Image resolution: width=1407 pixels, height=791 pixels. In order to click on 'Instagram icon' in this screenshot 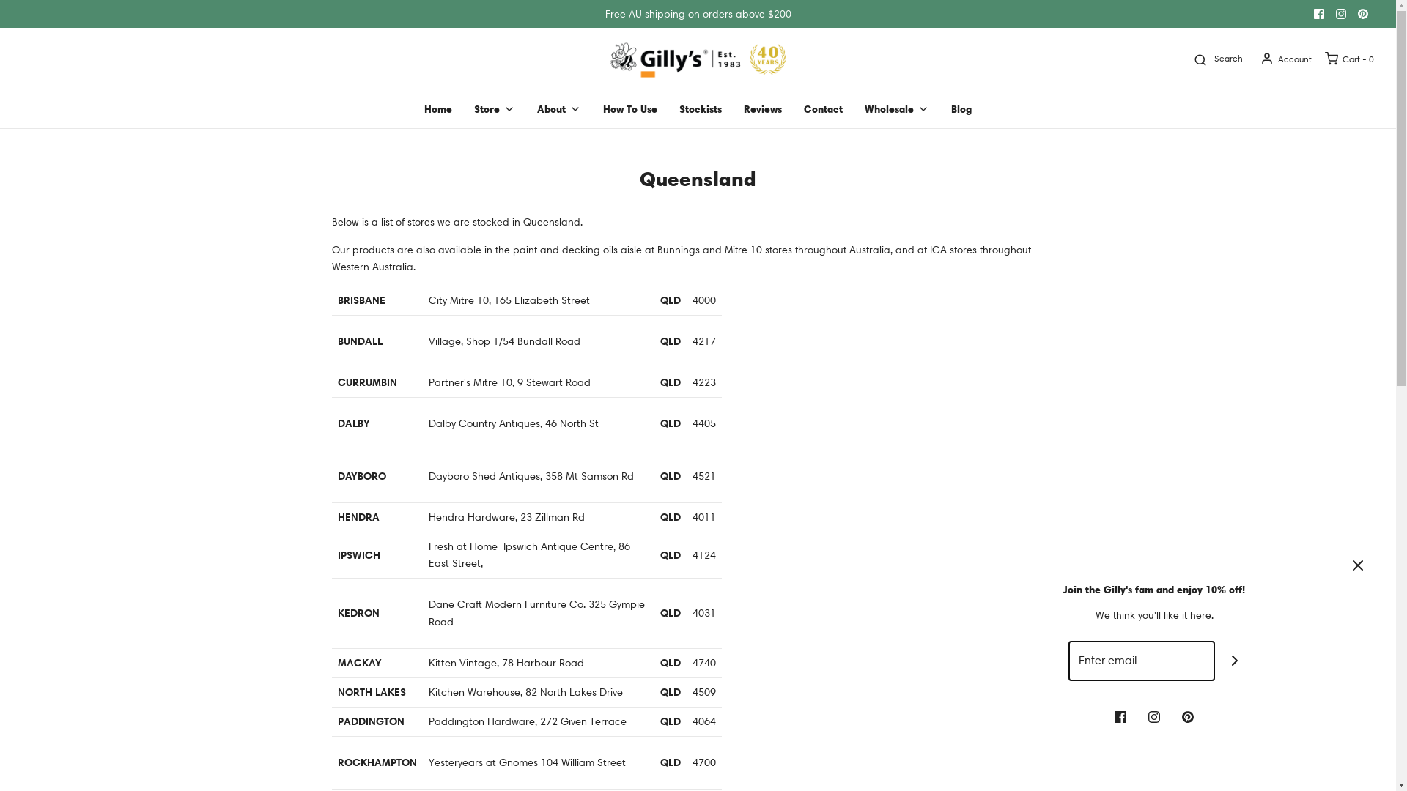, I will do `click(1340, 14)`.